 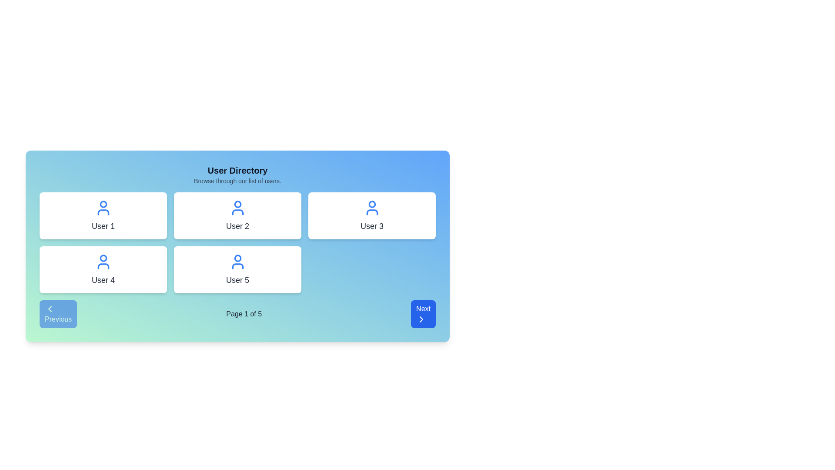 I want to click on the user icon representing 'User 2' located in the center column of the top row within the user cards grid, so click(x=237, y=208).